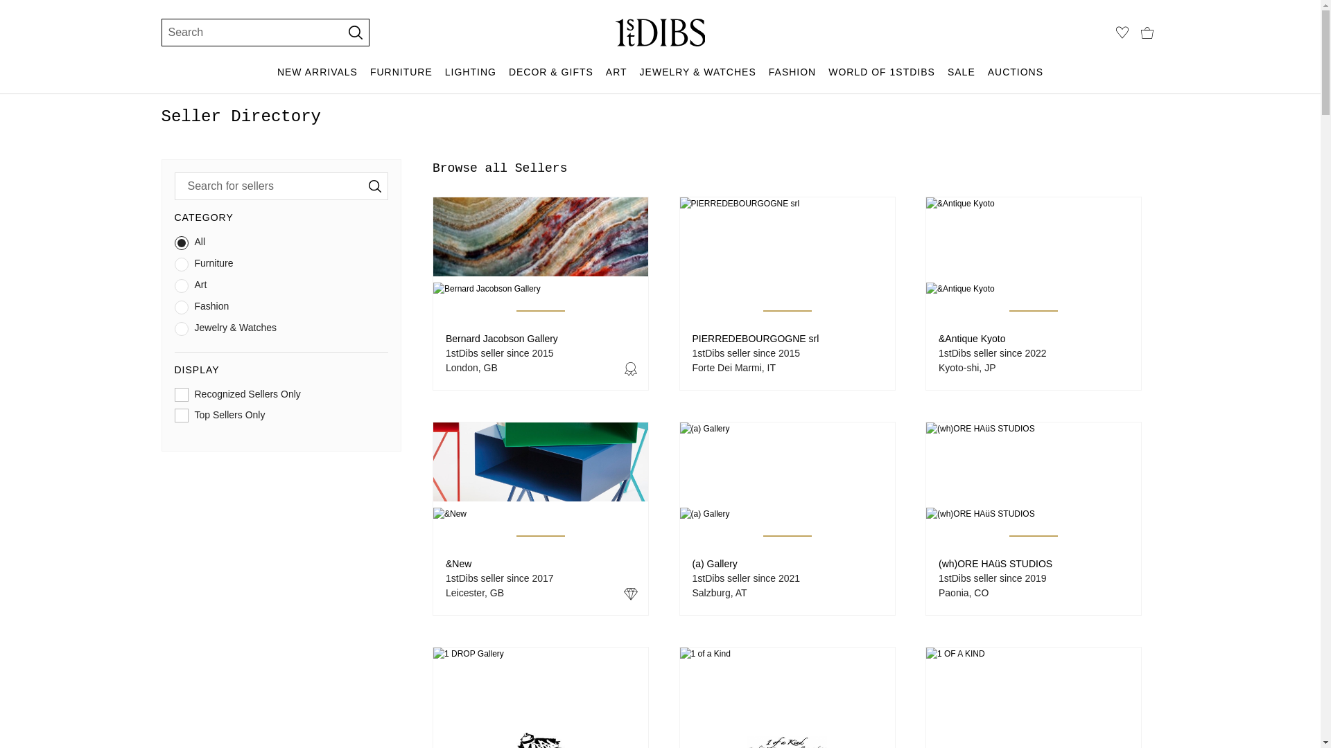 This screenshot has width=1331, height=748. What do you see at coordinates (245, 31) in the screenshot?
I see `'Search'` at bounding box center [245, 31].